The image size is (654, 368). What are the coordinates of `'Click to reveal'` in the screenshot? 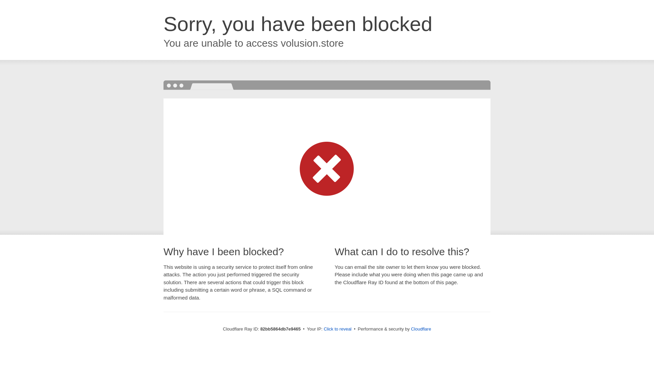 It's located at (337, 328).